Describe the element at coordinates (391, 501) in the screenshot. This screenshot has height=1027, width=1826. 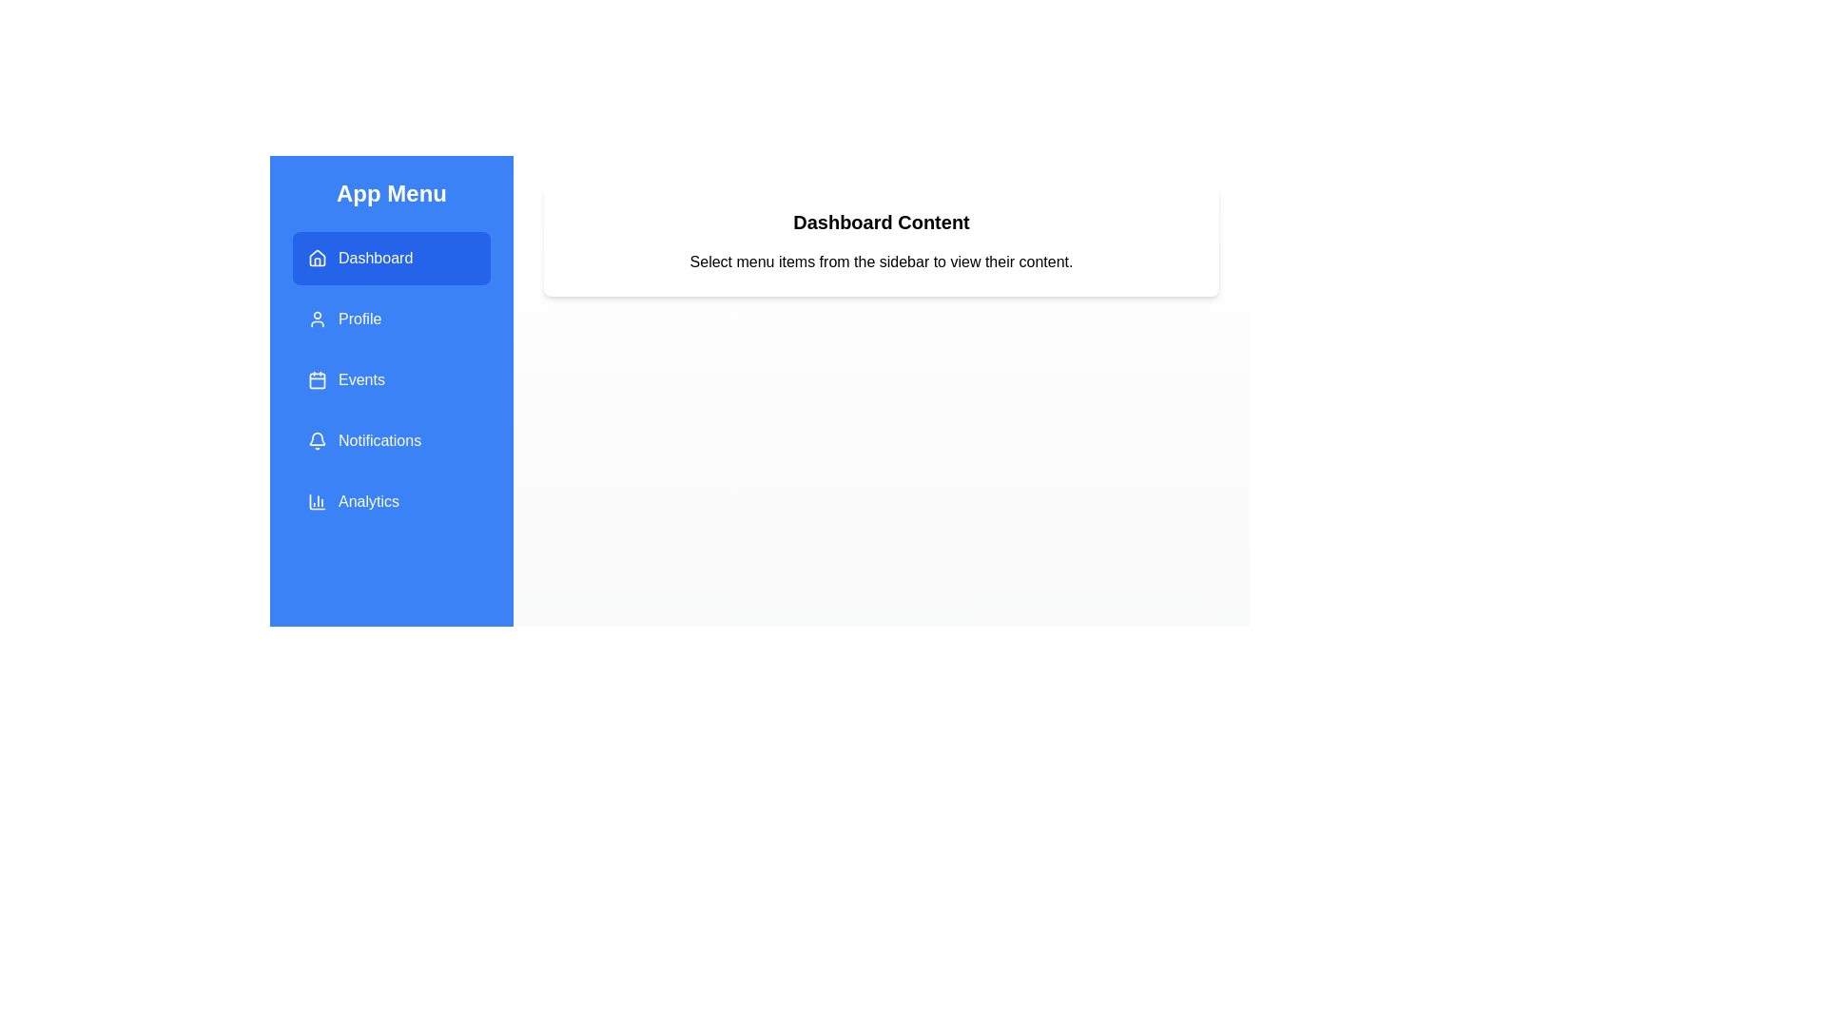
I see `the menu item labeled Analytics to observe its hover effect` at that location.